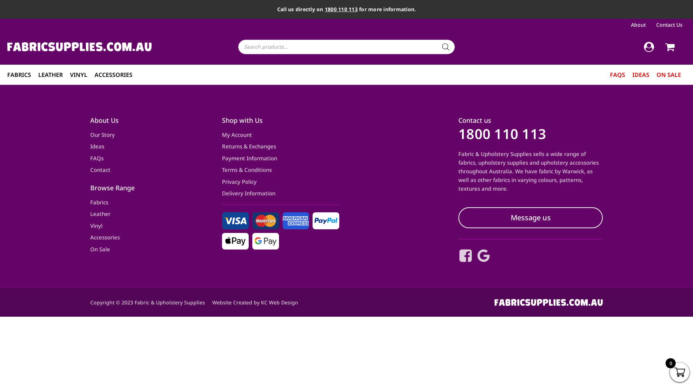  What do you see at coordinates (247, 170) in the screenshot?
I see `'Terms & Conditions'` at bounding box center [247, 170].